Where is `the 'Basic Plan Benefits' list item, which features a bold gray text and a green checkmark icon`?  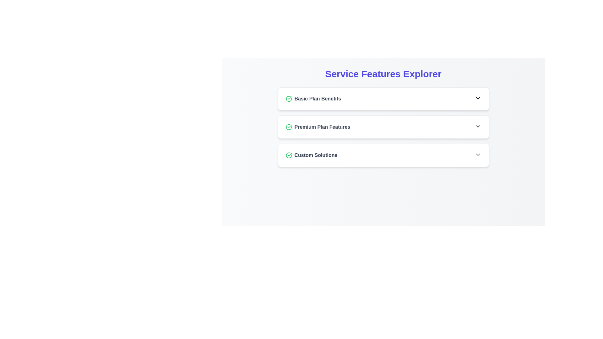
the 'Basic Plan Benefits' list item, which features a bold gray text and a green checkmark icon is located at coordinates (313, 99).